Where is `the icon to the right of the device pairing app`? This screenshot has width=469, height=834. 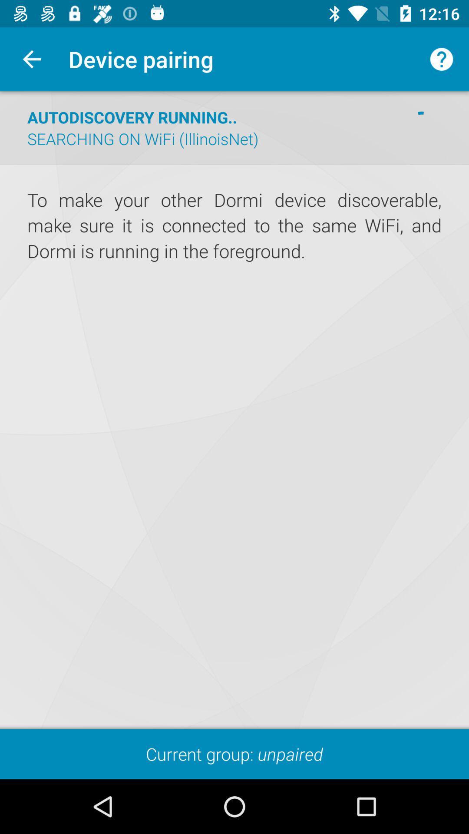 the icon to the right of the device pairing app is located at coordinates (442, 59).